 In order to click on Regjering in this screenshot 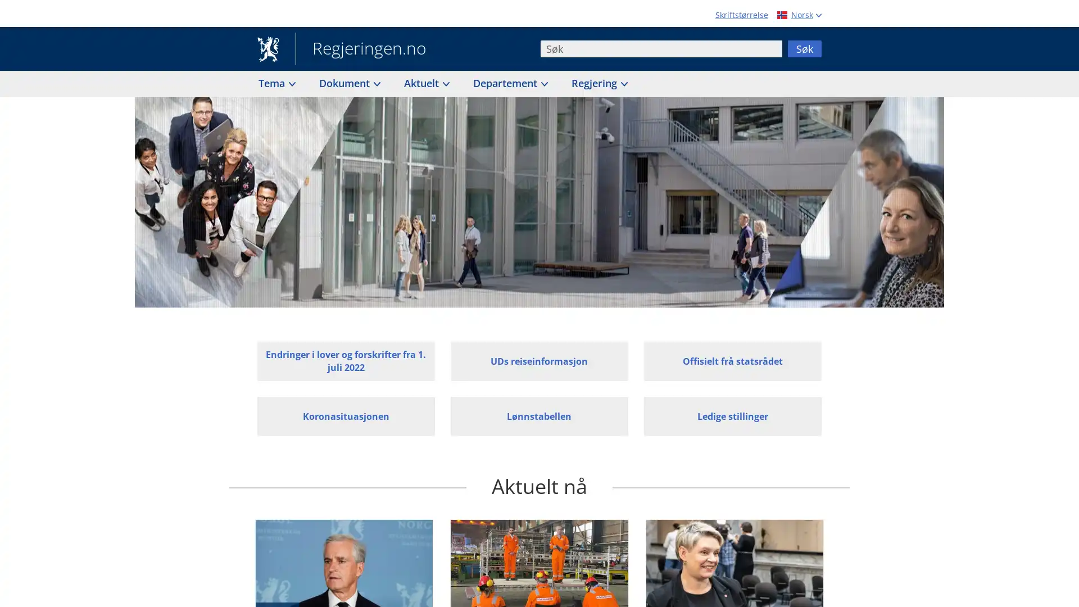, I will do `click(598, 83)`.